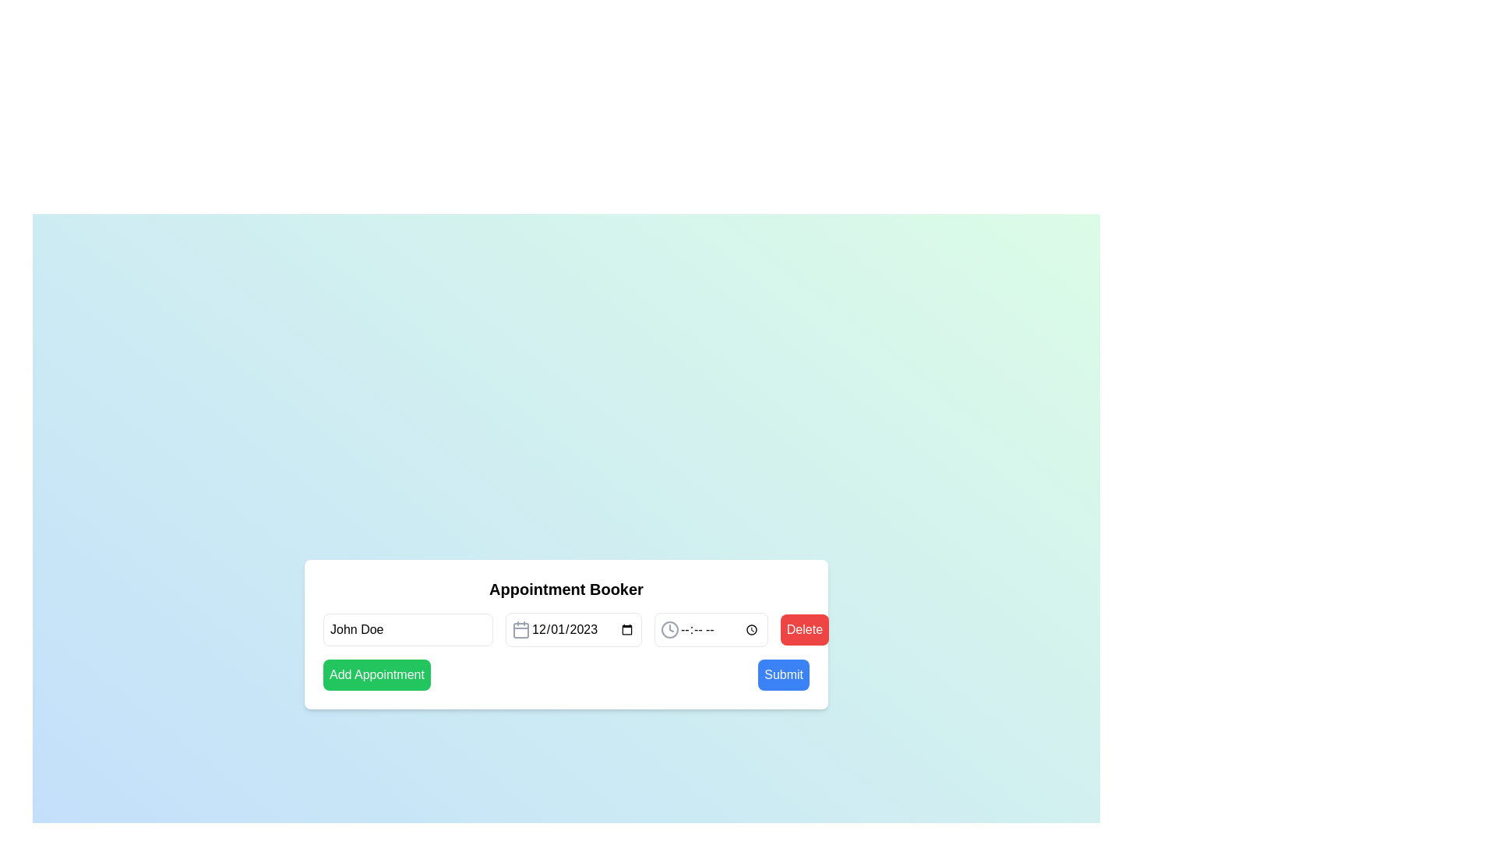 This screenshot has width=1496, height=841. What do you see at coordinates (565, 589) in the screenshot?
I see `the bold, large-sized text header displaying 'Appointment Booker' which is prominently positioned at the top of a white card with rounded edges and a shadow effect` at bounding box center [565, 589].